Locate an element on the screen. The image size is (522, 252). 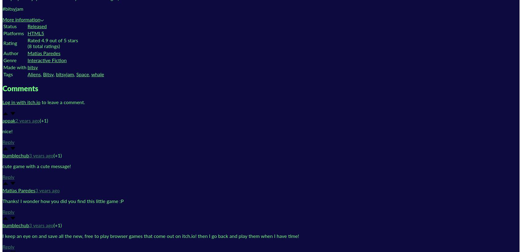
'Platforms' is located at coordinates (3, 33).